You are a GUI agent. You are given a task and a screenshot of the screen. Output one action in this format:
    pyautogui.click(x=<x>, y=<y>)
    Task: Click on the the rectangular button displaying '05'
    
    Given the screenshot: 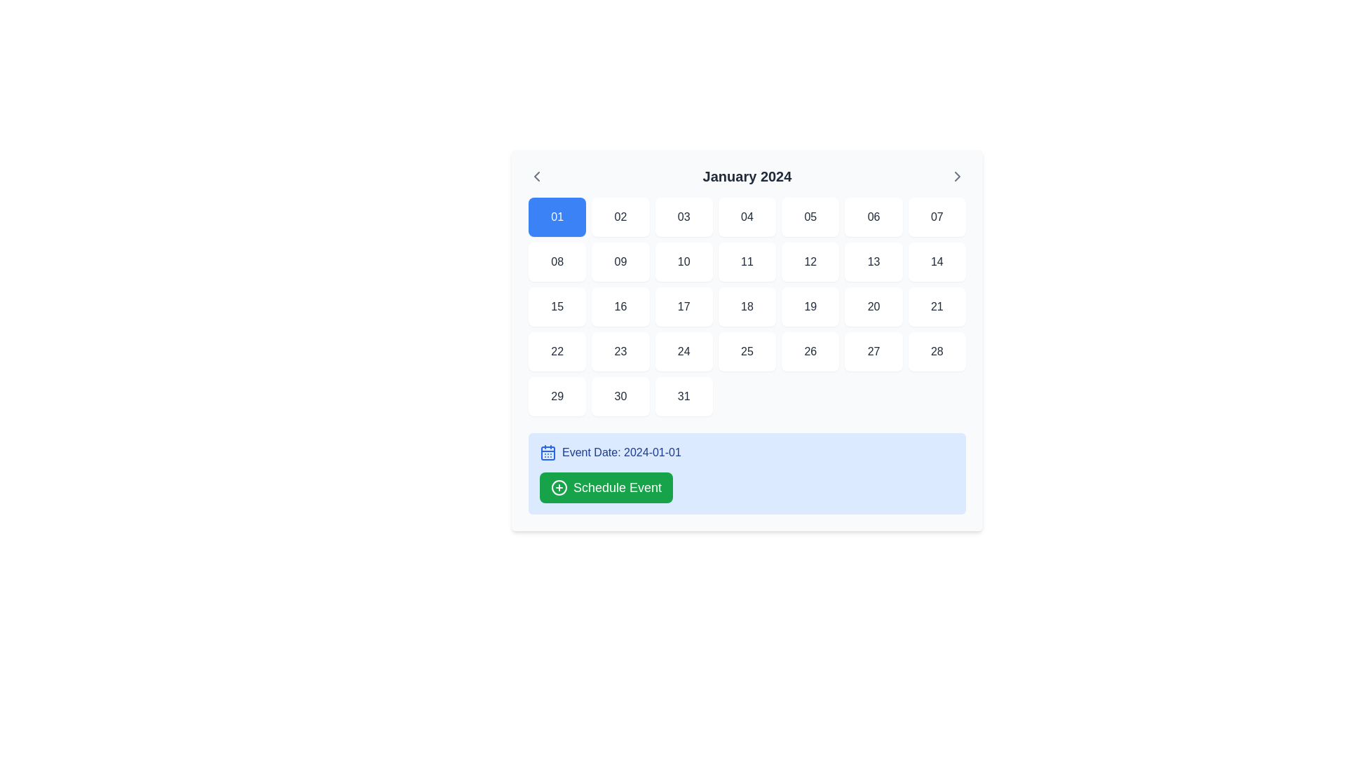 What is the action you would take?
    pyautogui.click(x=810, y=217)
    